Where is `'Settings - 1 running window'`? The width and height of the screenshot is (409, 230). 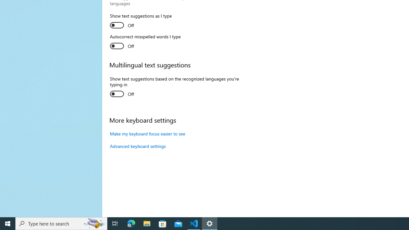
'Settings - 1 running window' is located at coordinates (210, 223).